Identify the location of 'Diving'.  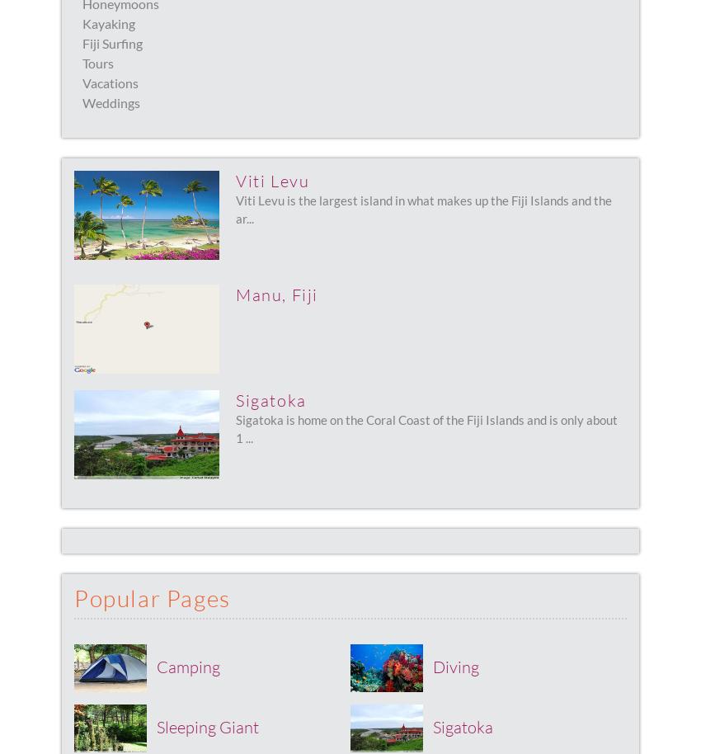
(455, 665).